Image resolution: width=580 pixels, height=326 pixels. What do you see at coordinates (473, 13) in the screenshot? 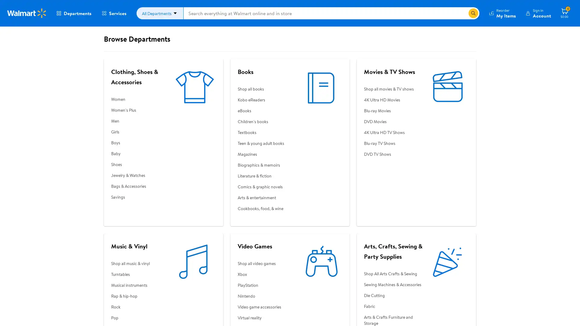
I see `Search icon` at bounding box center [473, 13].